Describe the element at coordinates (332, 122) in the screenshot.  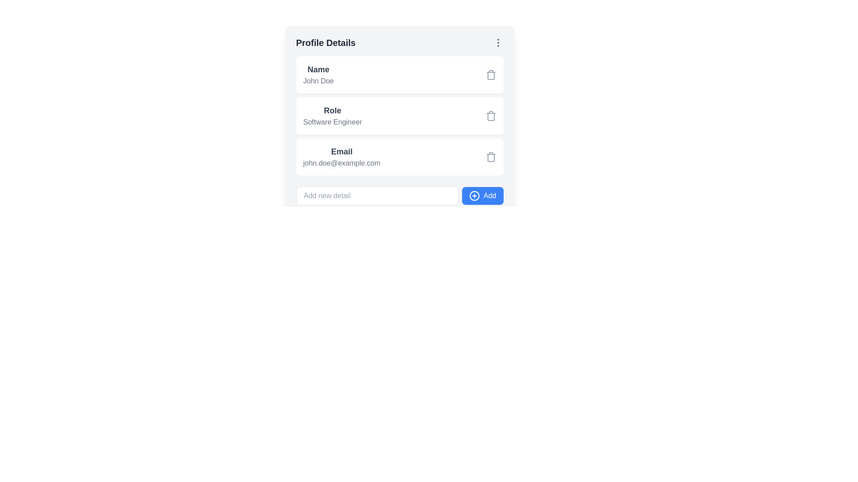
I see `the static text label displaying the user's role within the 'Profile Details' card, located directly beneath the 'Role' text` at that location.